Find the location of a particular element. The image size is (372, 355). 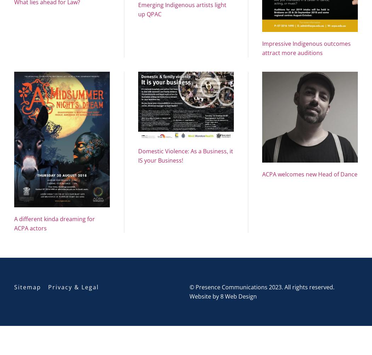

'Website by' is located at coordinates (204, 296).